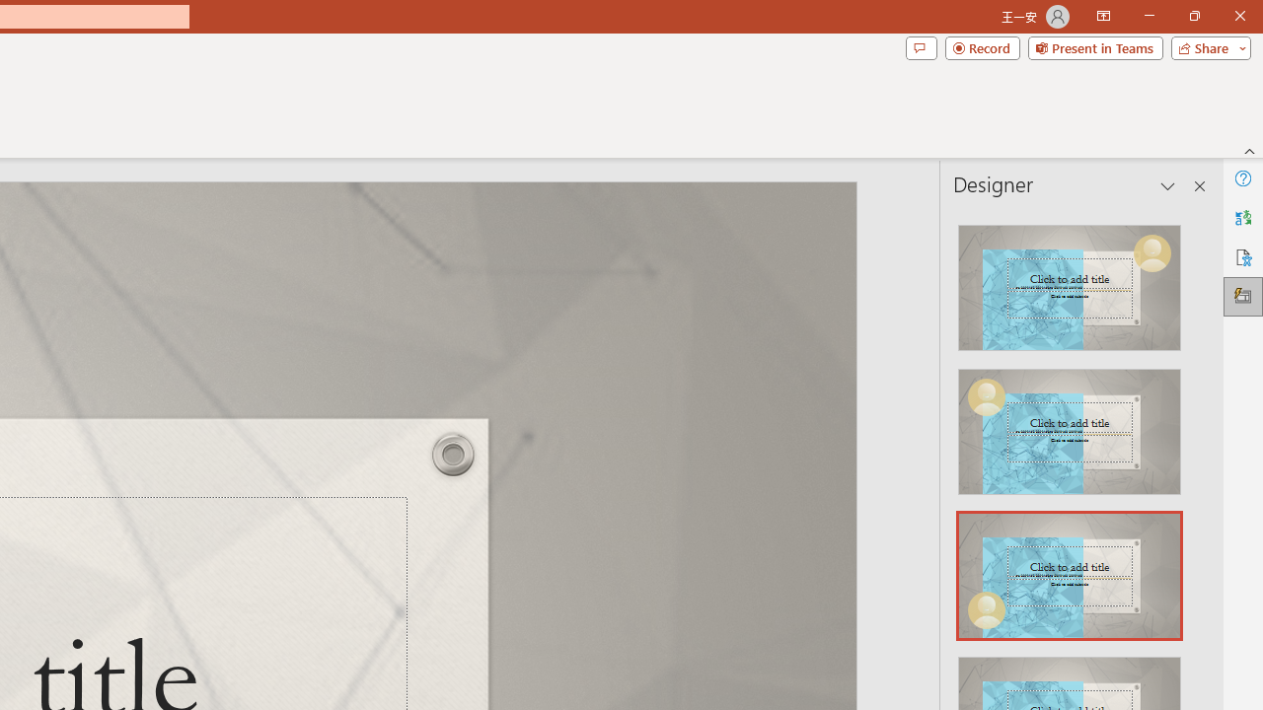 The image size is (1263, 710). I want to click on 'Task Pane Options', so click(1168, 186).